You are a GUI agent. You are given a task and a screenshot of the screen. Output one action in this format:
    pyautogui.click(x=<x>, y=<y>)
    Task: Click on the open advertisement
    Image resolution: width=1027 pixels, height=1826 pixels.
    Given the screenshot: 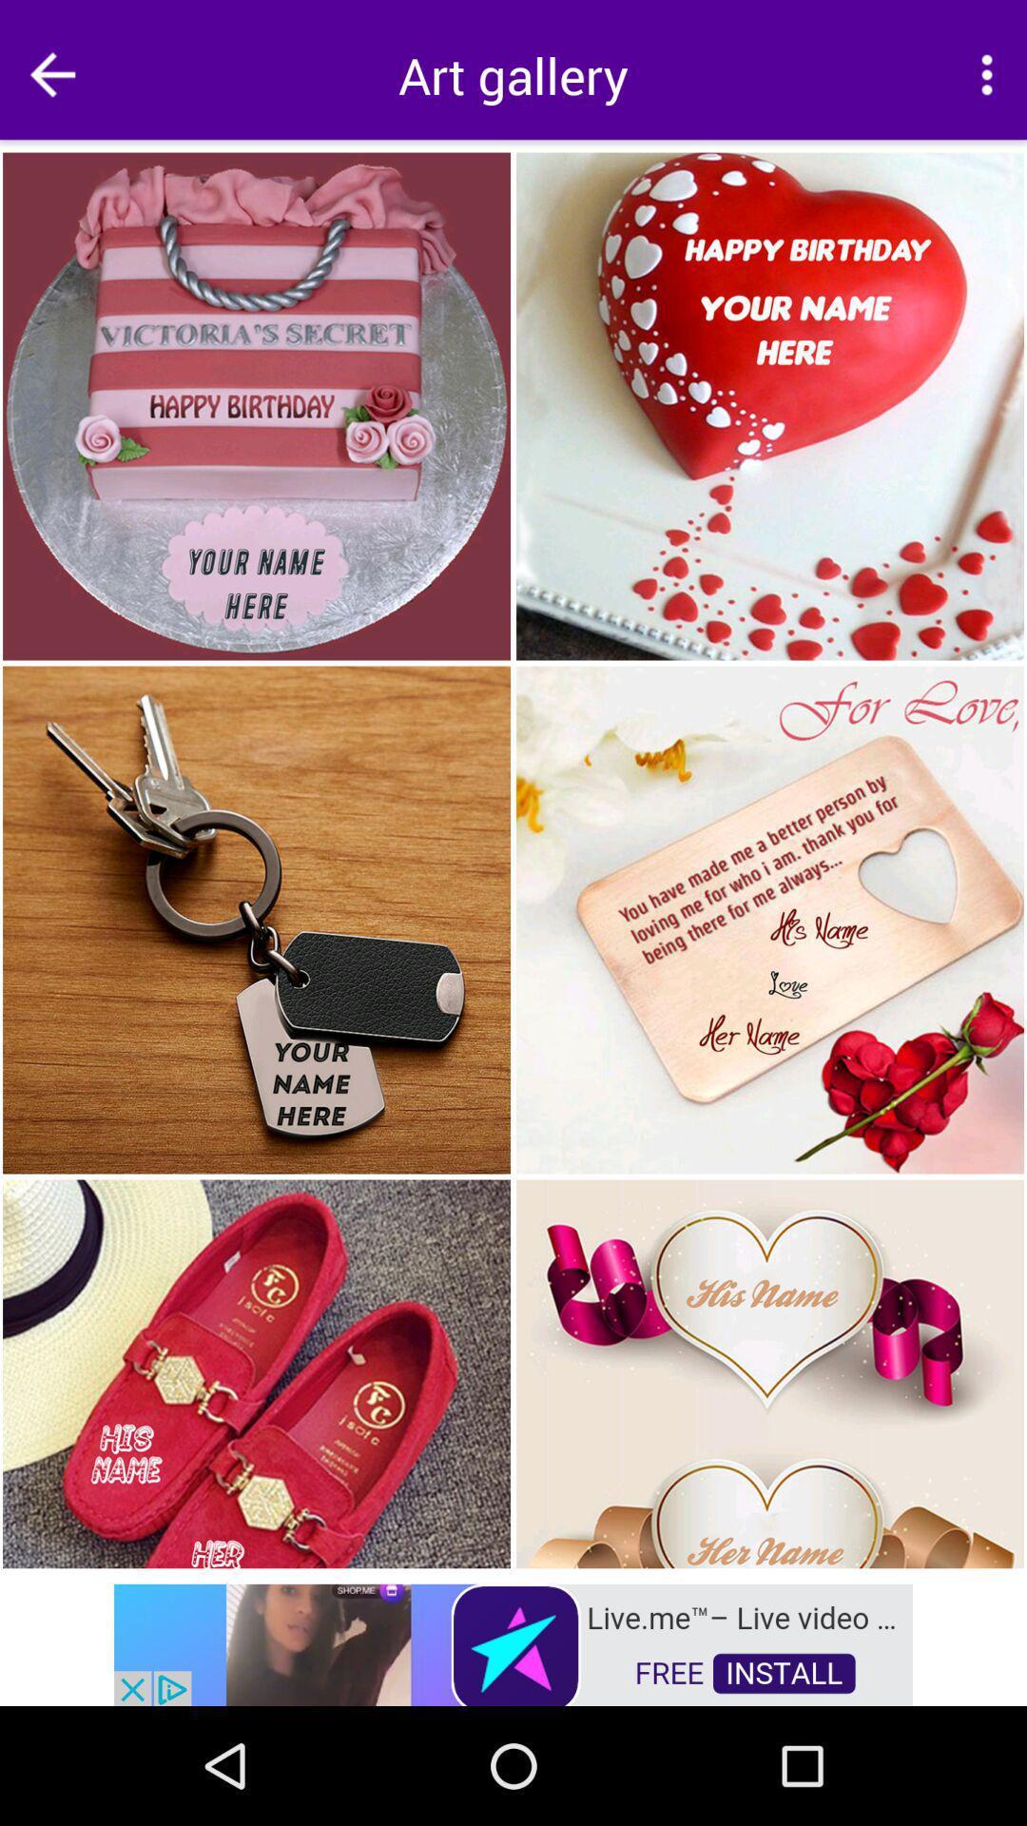 What is the action you would take?
    pyautogui.click(x=513, y=1642)
    